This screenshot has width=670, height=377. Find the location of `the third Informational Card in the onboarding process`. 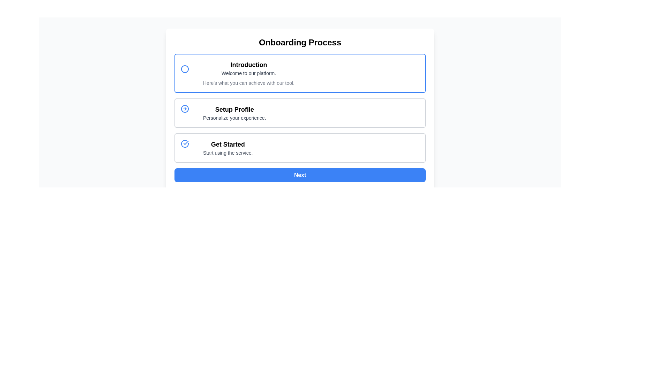

the third Informational Card in the onboarding process is located at coordinates (300, 148).